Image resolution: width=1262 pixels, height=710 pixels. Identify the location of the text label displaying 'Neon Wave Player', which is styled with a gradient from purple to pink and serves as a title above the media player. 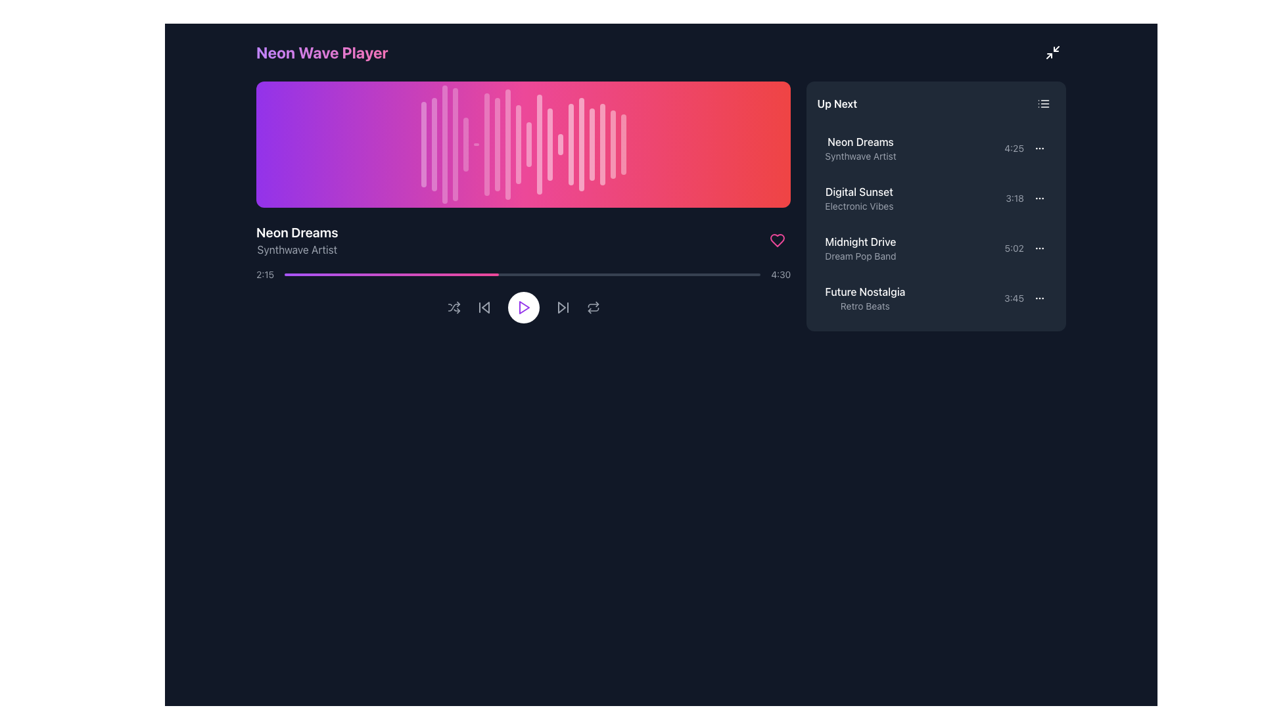
(322, 52).